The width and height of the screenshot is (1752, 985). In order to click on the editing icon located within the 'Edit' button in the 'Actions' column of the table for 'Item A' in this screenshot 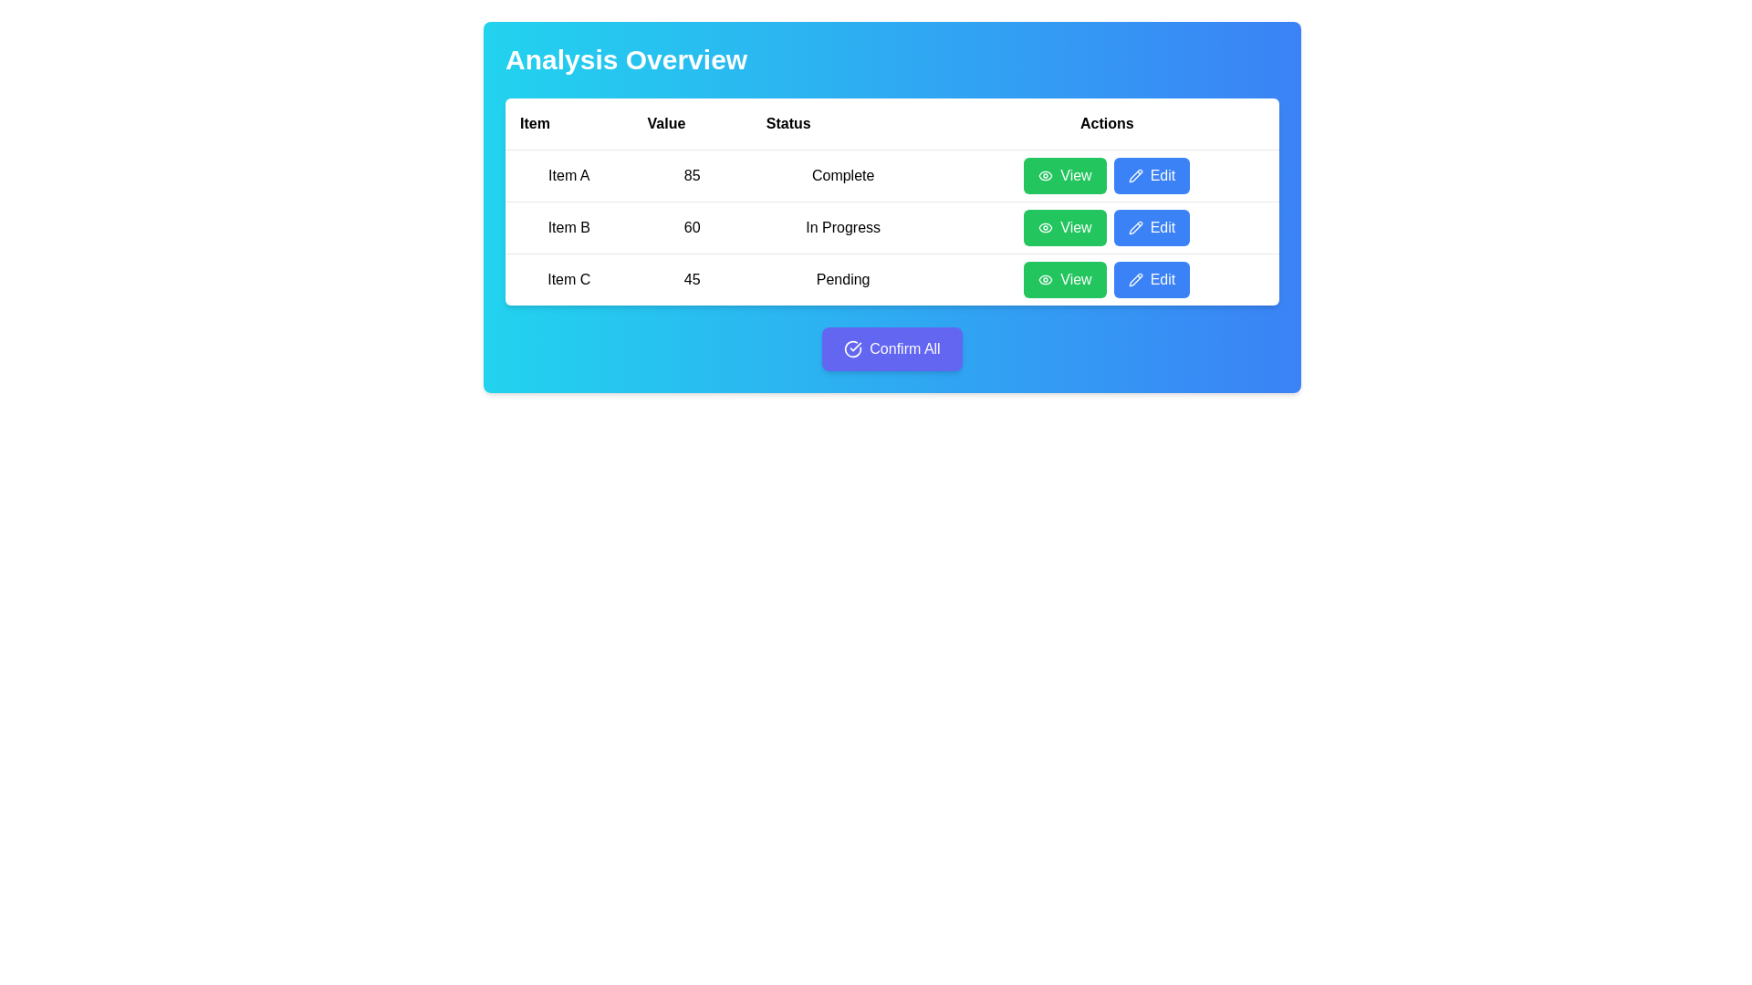, I will do `click(1134, 175)`.